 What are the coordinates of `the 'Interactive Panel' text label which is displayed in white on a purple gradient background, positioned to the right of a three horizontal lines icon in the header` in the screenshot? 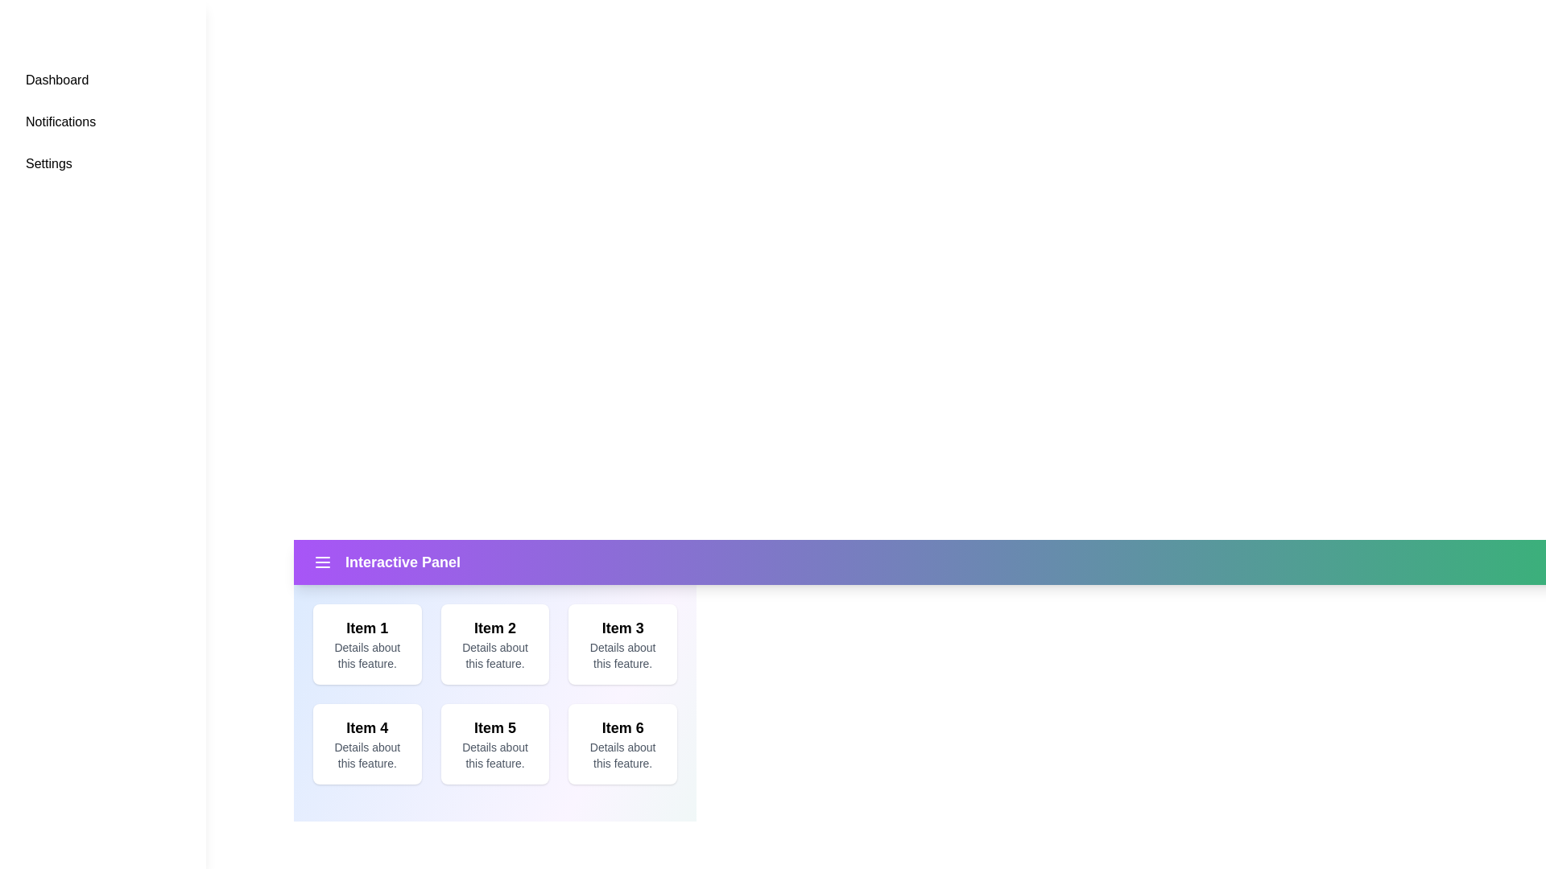 It's located at (403, 561).